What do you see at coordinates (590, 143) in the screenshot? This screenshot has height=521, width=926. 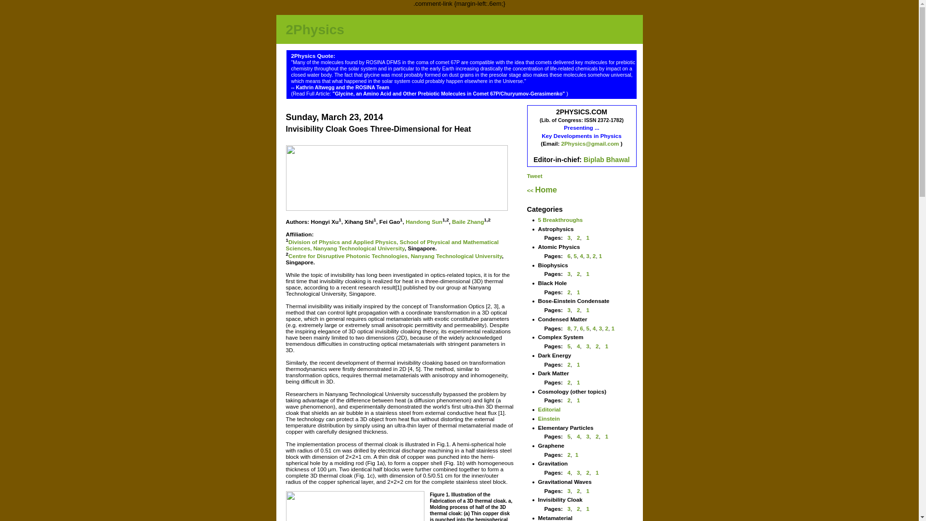 I see `'2Physics@gmail.com'` at bounding box center [590, 143].